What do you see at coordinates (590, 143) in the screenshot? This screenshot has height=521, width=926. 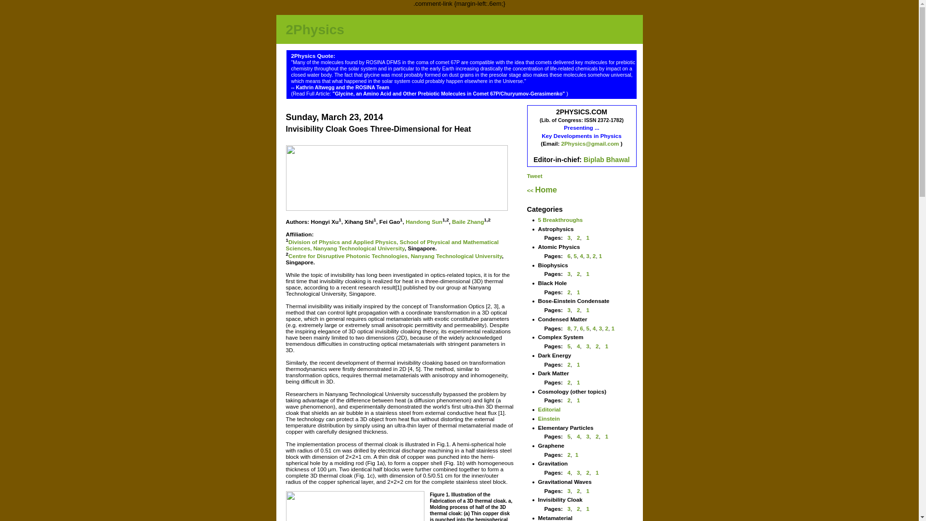 I see `'2Physics@gmail.com'` at bounding box center [590, 143].